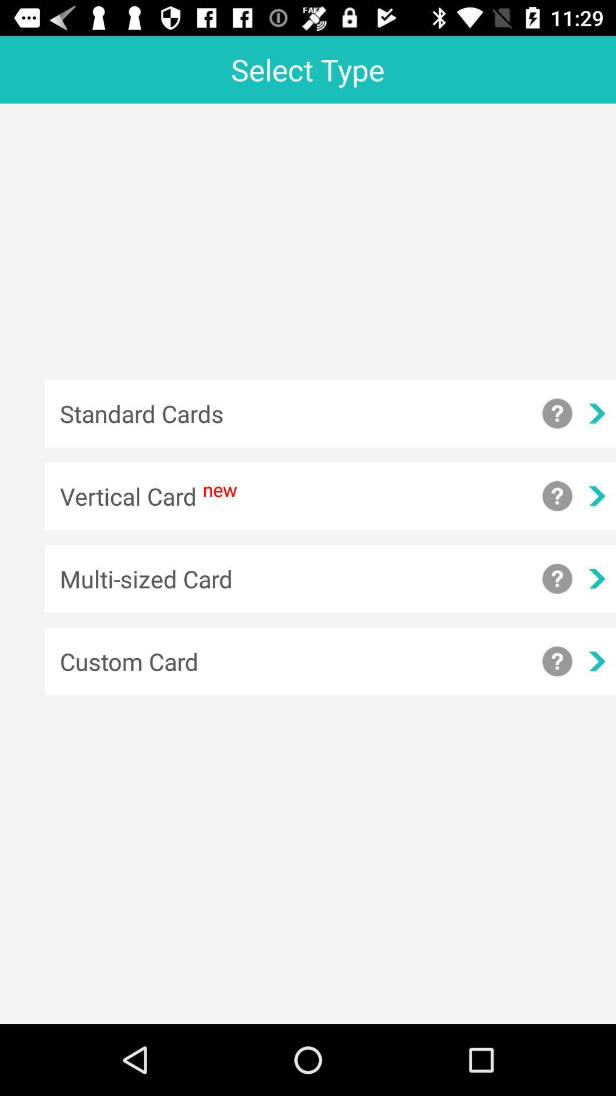 The width and height of the screenshot is (616, 1096). Describe the element at coordinates (557, 496) in the screenshot. I see `the help icon` at that location.